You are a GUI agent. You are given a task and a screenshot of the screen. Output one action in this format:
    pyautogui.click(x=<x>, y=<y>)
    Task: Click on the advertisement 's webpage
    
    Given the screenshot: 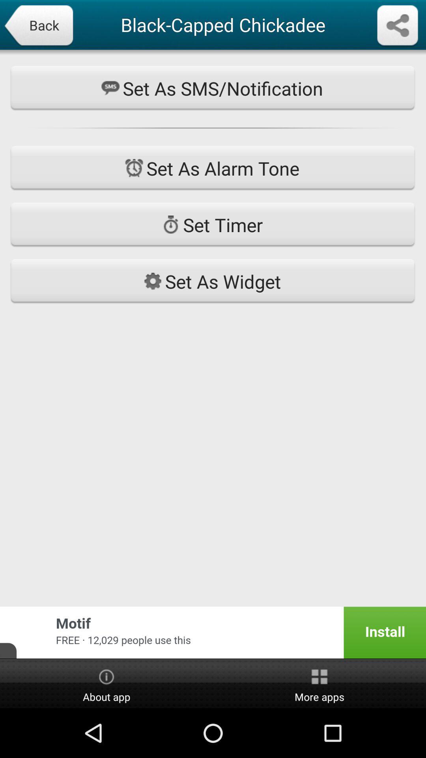 What is the action you would take?
    pyautogui.click(x=213, y=632)
    